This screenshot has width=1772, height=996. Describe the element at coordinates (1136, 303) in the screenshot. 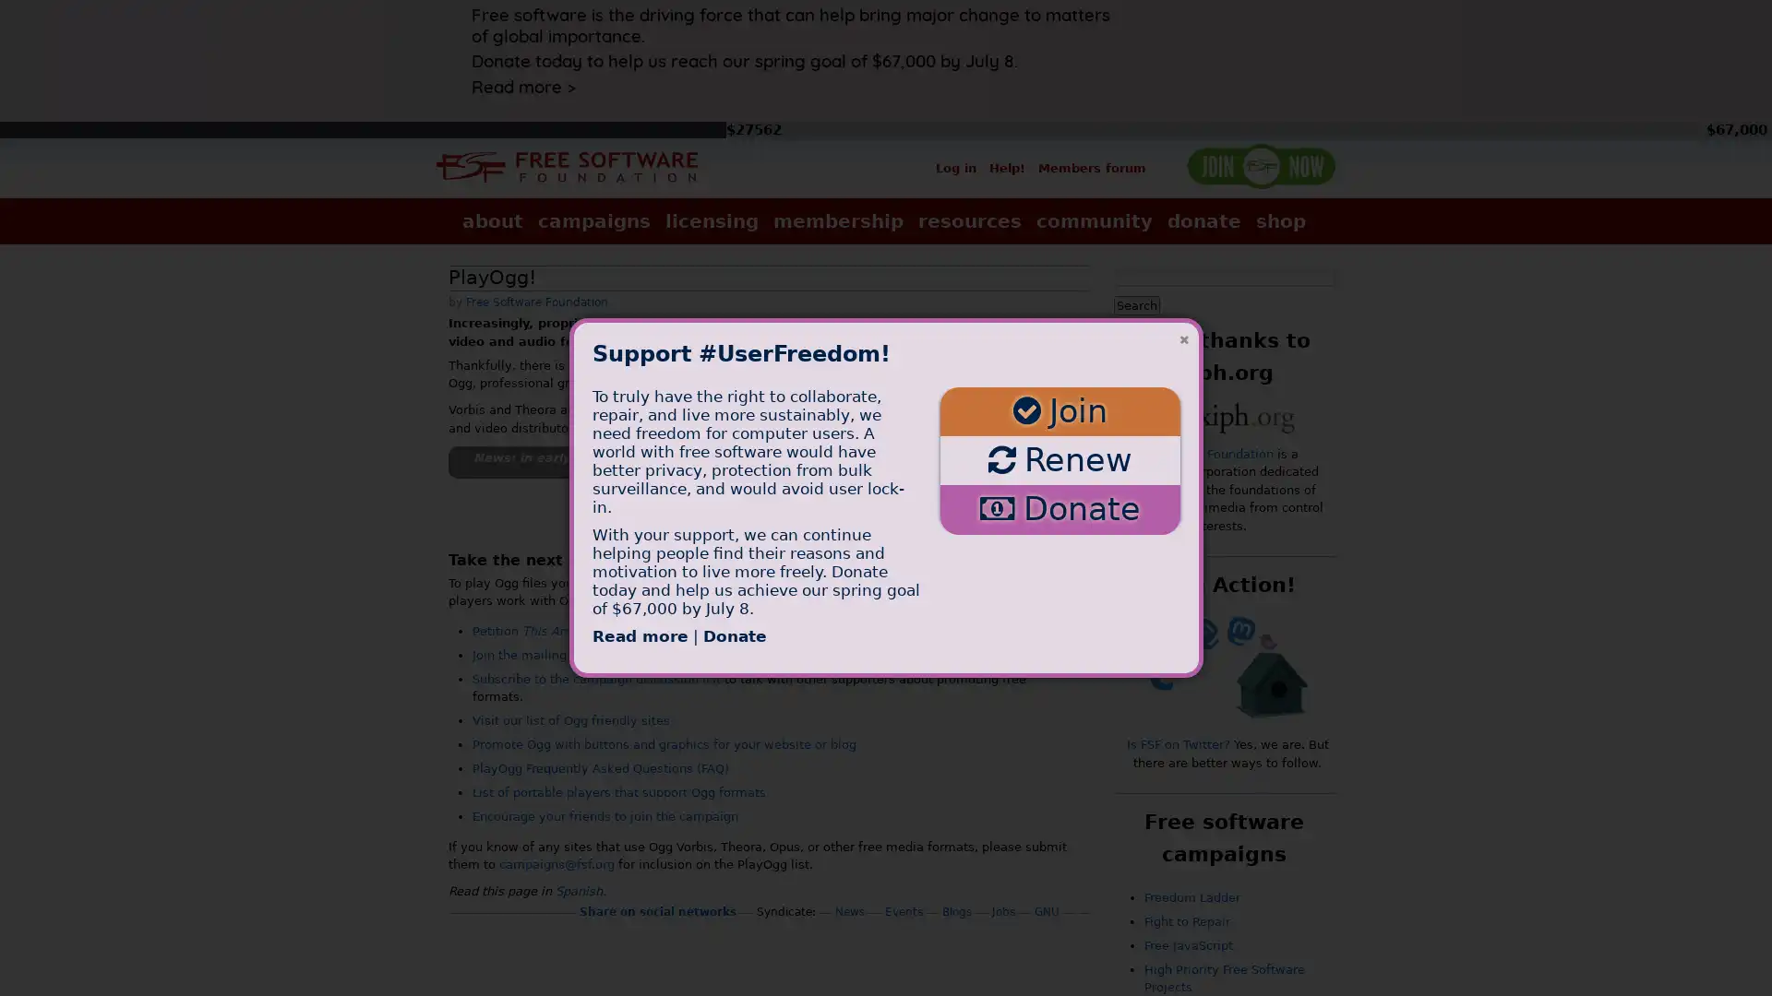

I see `Search` at that location.